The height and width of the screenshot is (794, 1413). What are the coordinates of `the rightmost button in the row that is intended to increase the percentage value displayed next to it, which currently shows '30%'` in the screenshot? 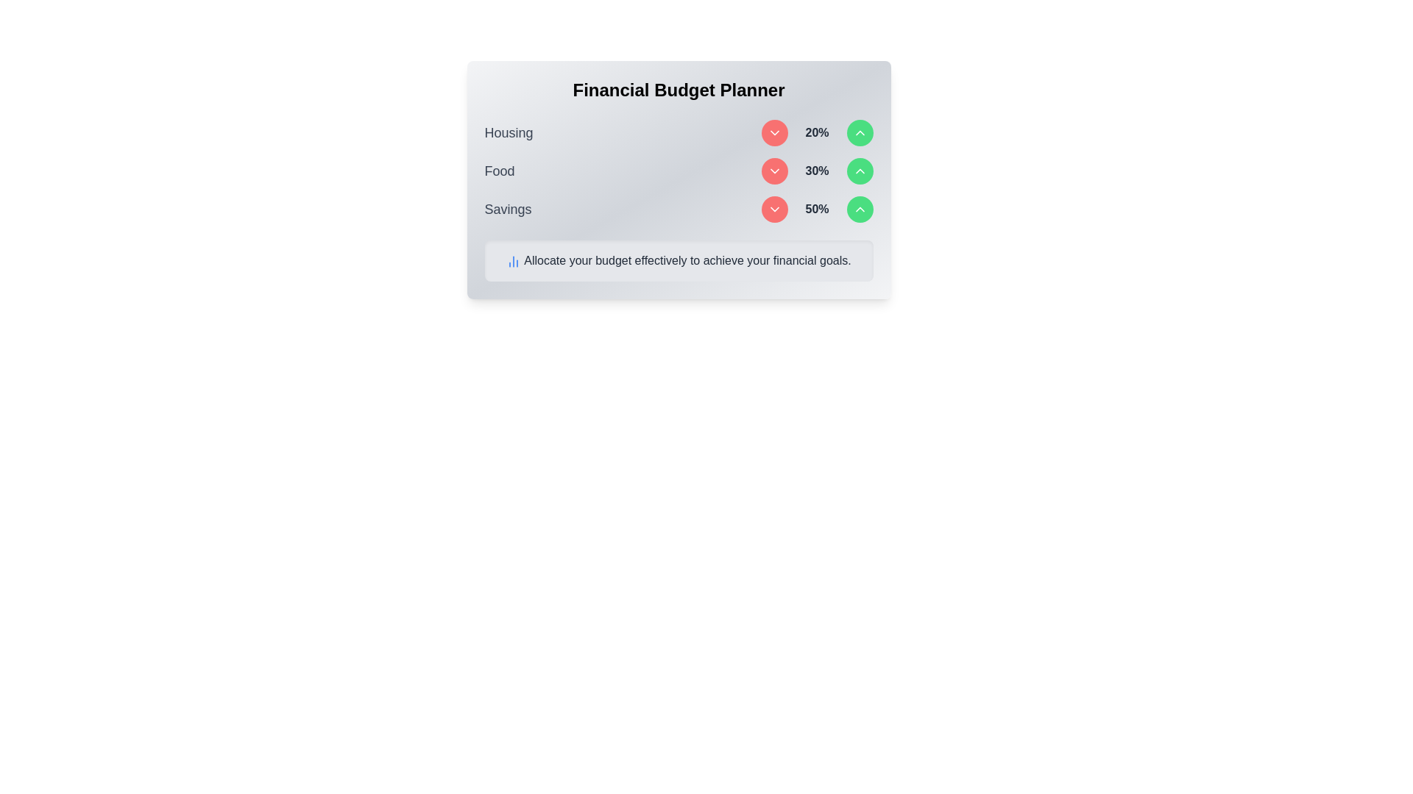 It's located at (860, 170).